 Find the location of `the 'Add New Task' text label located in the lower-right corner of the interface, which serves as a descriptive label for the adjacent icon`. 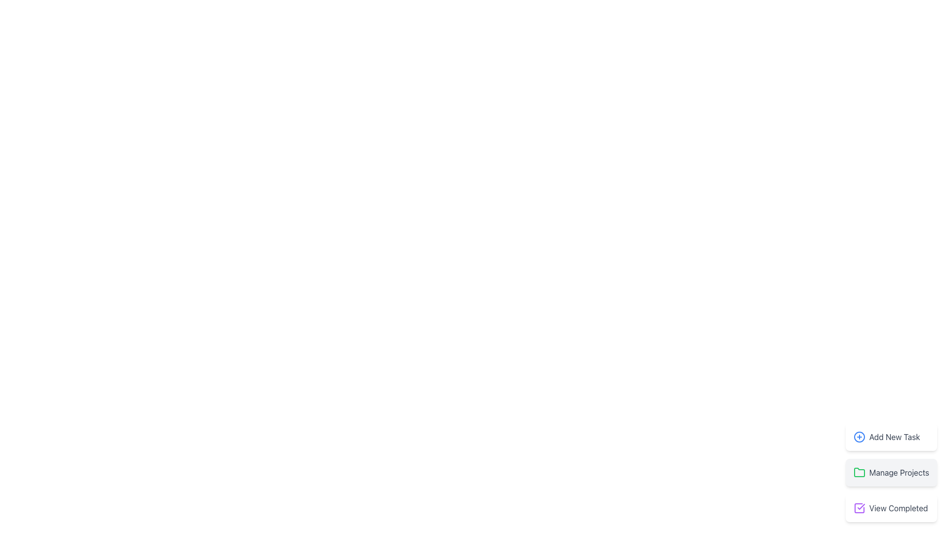

the 'Add New Task' text label located in the lower-right corner of the interface, which serves as a descriptive label for the adjacent icon is located at coordinates (895, 436).